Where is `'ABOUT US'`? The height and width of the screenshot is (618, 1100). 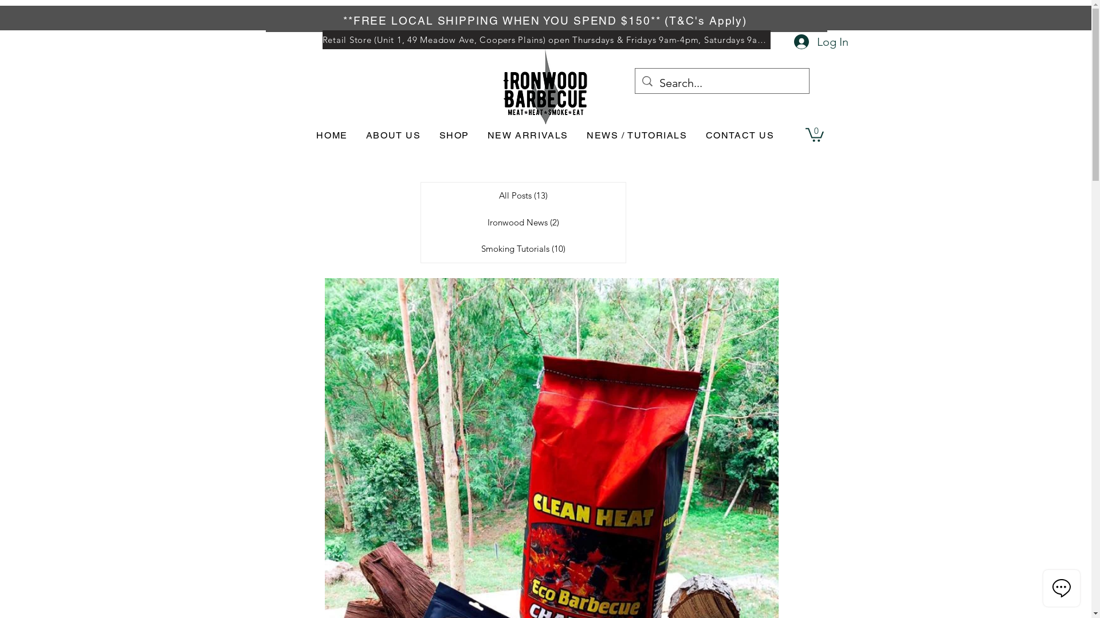 'ABOUT US' is located at coordinates (393, 135).